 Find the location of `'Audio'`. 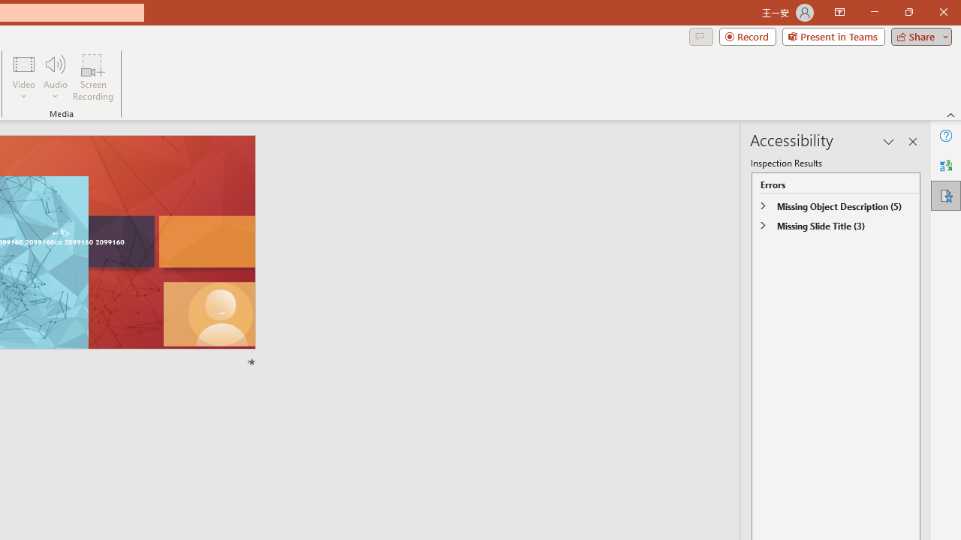

'Audio' is located at coordinates (55, 77).